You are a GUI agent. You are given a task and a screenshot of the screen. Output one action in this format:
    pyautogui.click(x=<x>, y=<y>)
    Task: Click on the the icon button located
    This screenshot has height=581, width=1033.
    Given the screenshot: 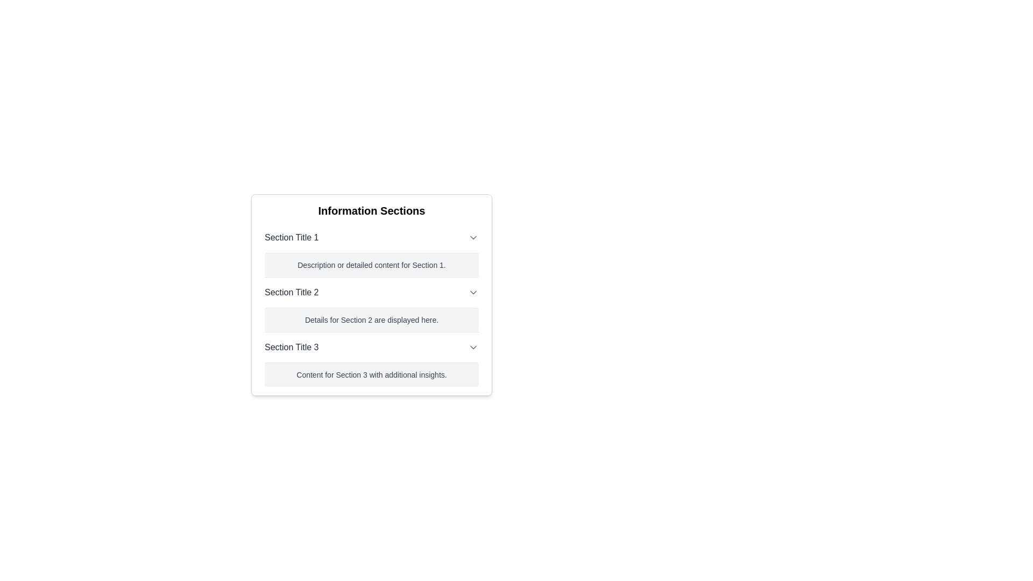 What is the action you would take?
    pyautogui.click(x=473, y=237)
    